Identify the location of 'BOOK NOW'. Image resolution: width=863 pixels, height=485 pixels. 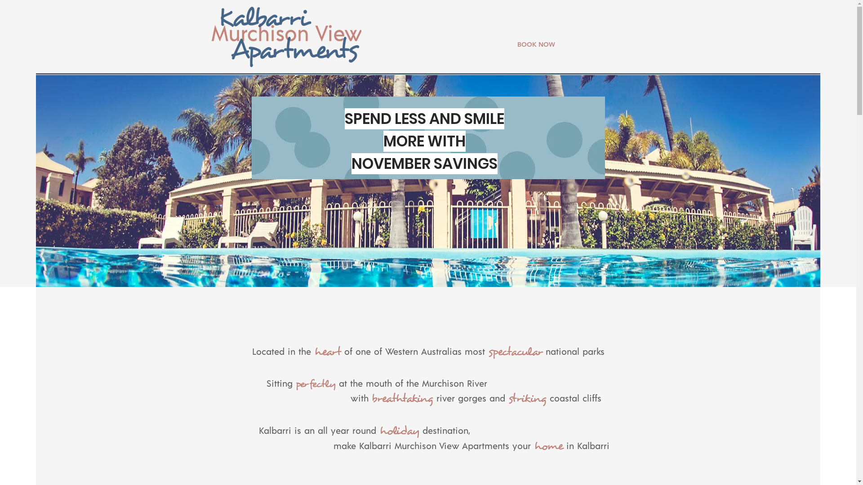
(658, 29).